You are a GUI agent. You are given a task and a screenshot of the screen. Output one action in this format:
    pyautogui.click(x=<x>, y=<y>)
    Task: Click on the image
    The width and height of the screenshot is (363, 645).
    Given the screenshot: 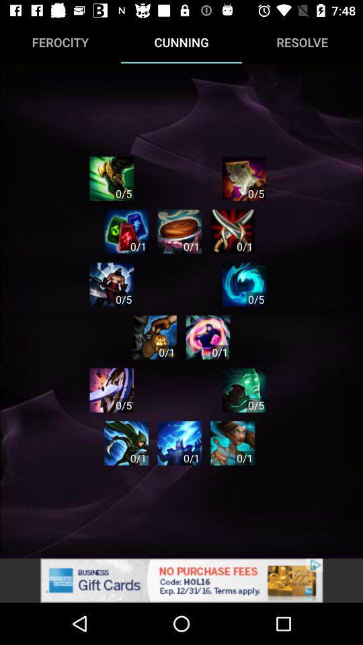 What is the action you would take?
    pyautogui.click(x=111, y=284)
    